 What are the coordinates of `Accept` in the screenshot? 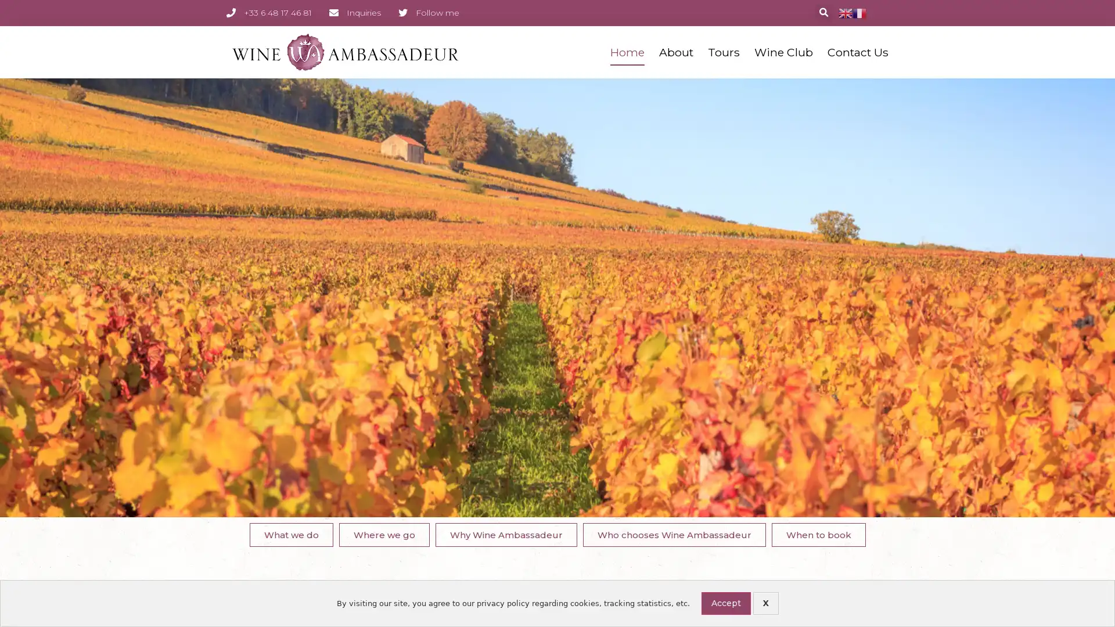 It's located at (725, 603).